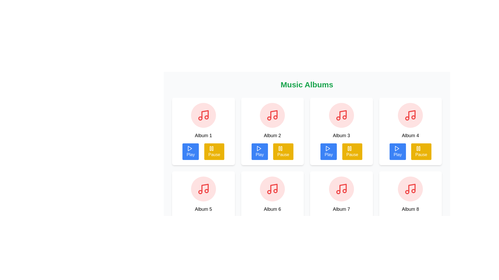  Describe the element at coordinates (211, 149) in the screenshot. I see `the appearance of the pause icon represented by two vertical bars, styled with a yellow background and white foreground, located within the 'Pause' button of the 'Album 2' card` at that location.